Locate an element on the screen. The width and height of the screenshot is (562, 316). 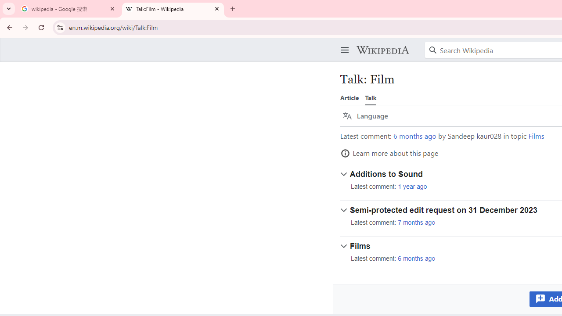
'7 months ago' is located at coordinates (416, 222).